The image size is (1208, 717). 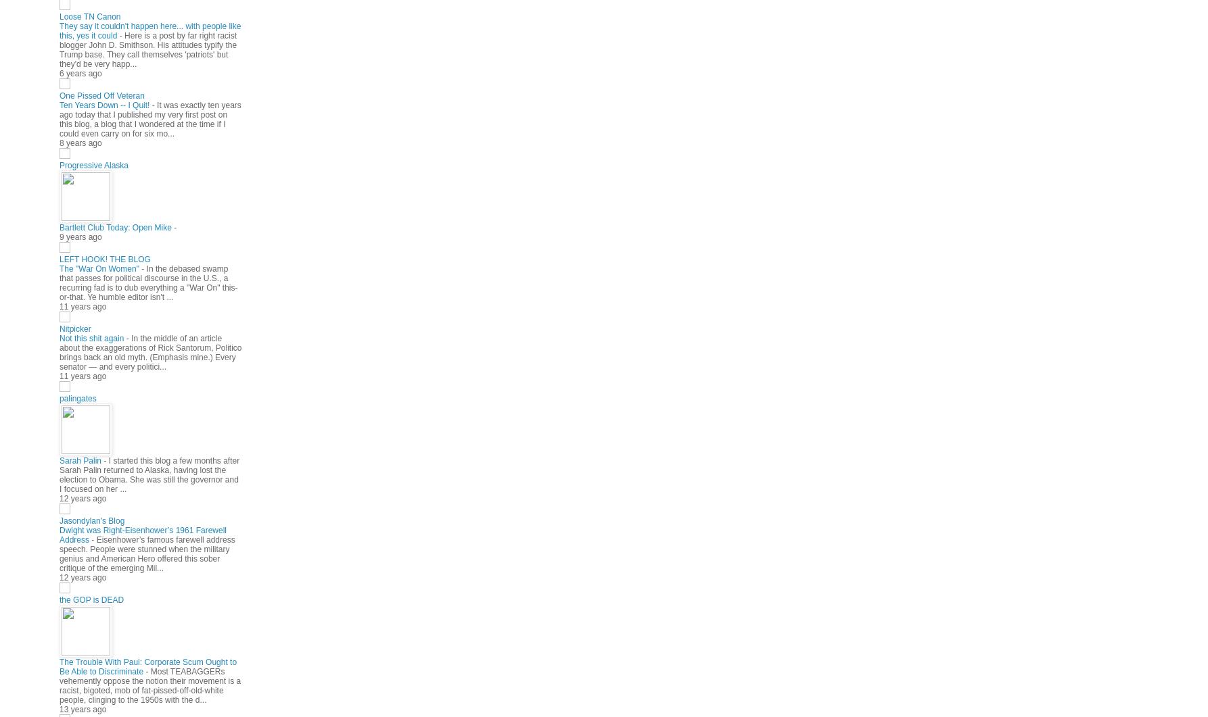 I want to click on 'LEFT HOOK! THE BLOG', so click(x=60, y=259).